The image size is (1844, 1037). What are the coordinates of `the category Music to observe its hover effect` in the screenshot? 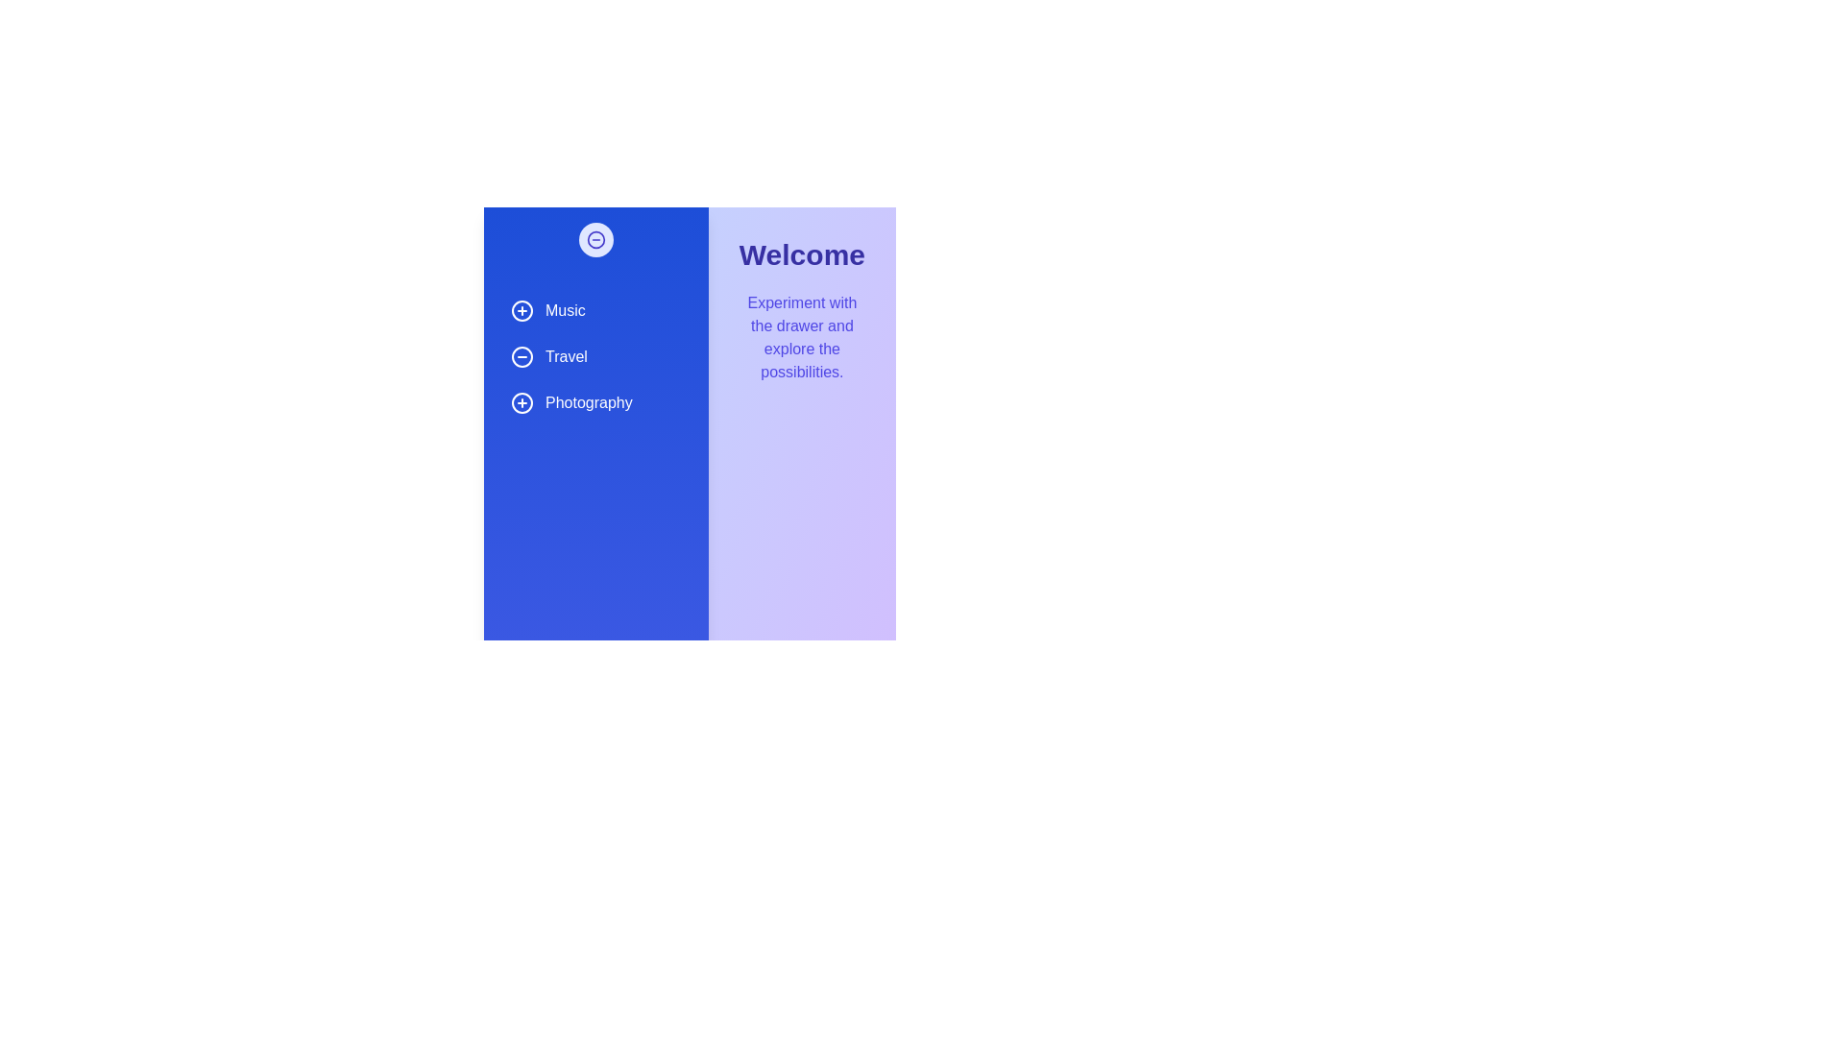 It's located at (594, 310).